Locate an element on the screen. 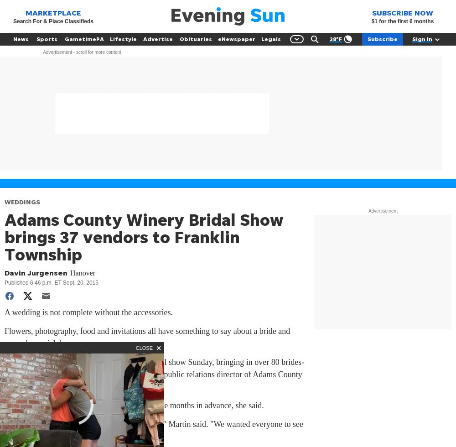  'Sports' is located at coordinates (47, 39).